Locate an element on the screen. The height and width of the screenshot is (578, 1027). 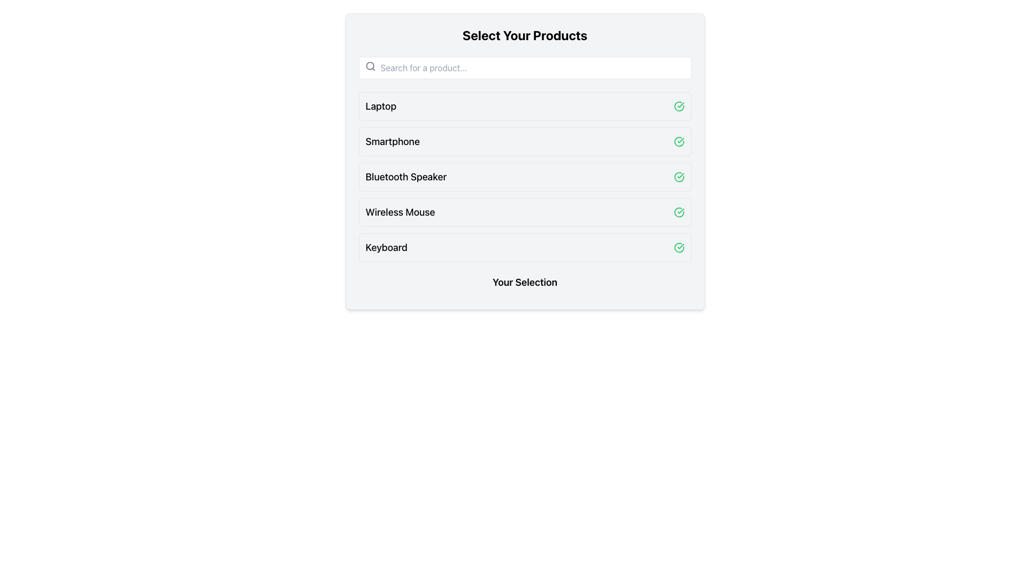
the Text label that provides contextual information for the product item located in the third item of the vertical list under 'Select Your Products', specifically positioned below 'Smartphone' and above 'Wireless Mouse' is located at coordinates (405, 177).